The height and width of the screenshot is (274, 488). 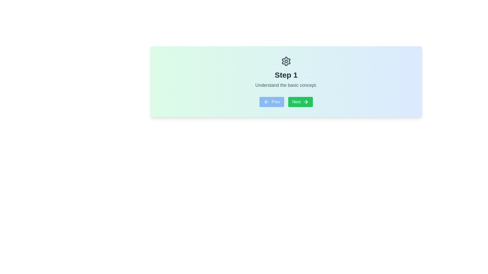 What do you see at coordinates (306, 102) in the screenshot?
I see `the triangular arrow icon pointing to the right, which is part of the 'Next' button, located on its right side` at bounding box center [306, 102].